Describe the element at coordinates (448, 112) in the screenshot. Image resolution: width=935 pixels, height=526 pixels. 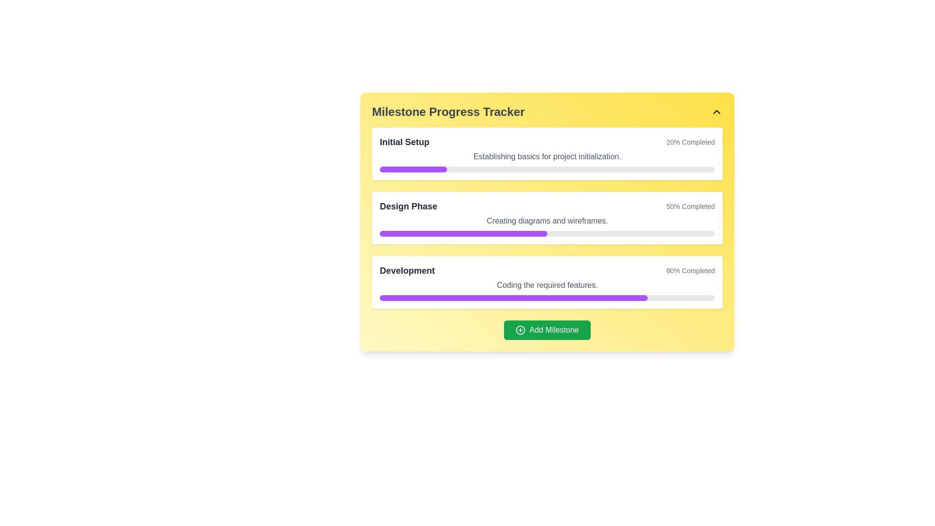
I see `the text label that serves as a title or heading for the section beneath it, indicating the purpose of the associated progress tracker for milestones` at that location.